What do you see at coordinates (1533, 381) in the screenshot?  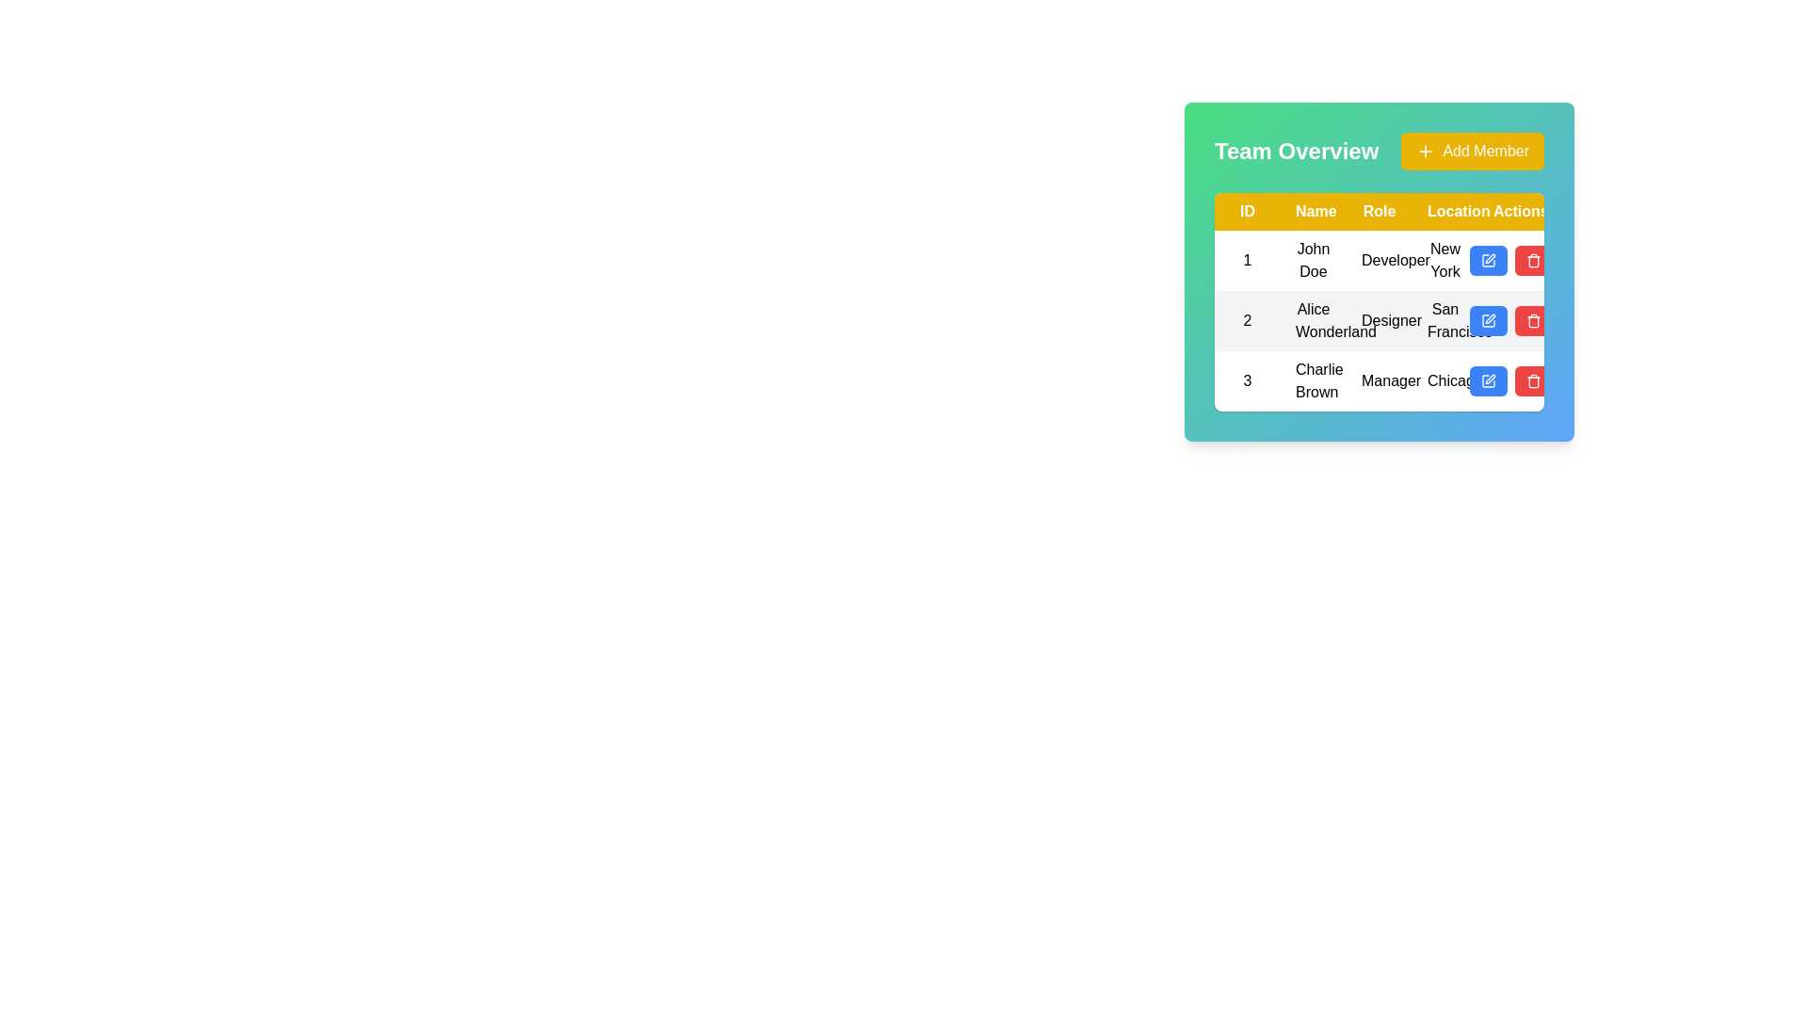 I see `the red button with a trash bin icon located to the right of the blue 'edit' button` at bounding box center [1533, 381].